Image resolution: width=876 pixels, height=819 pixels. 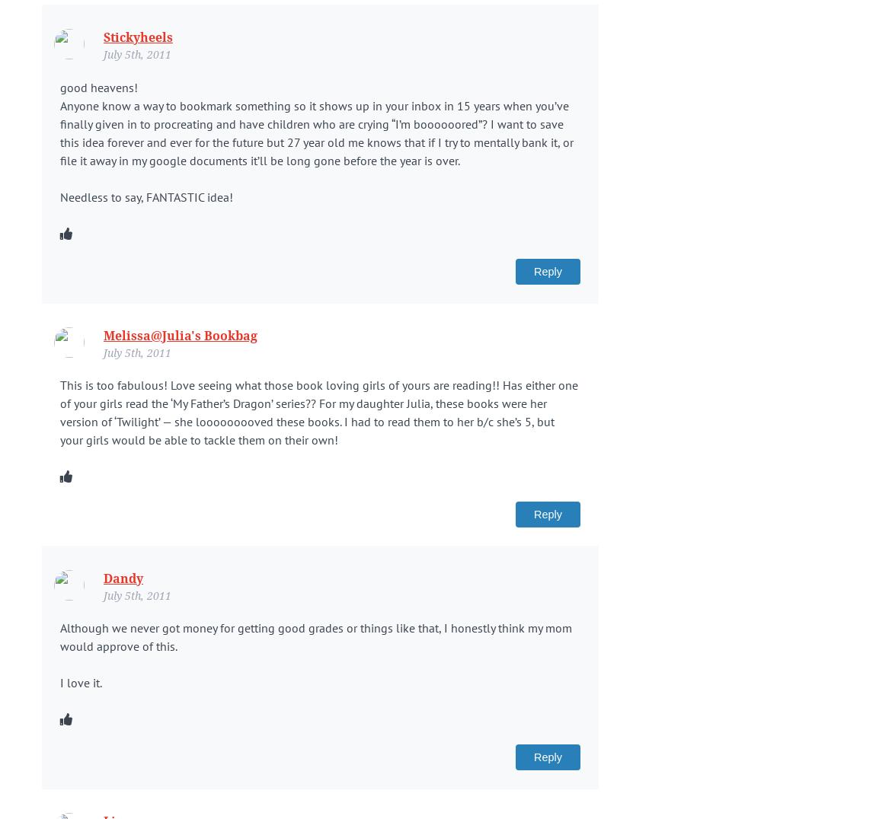 I want to click on 'This is too fabulous! Love seeing what those book loving girls of yours are reading!! Has either one of your girls read the ‘My Father’s Dragon’ series?? For my daughter Julia, these books were her version of ‘Twilight’ — she looooooooved these books. I had to read them to her b/c she’s 5, but your girls would be able to tackle them on their own!', so click(x=318, y=411).